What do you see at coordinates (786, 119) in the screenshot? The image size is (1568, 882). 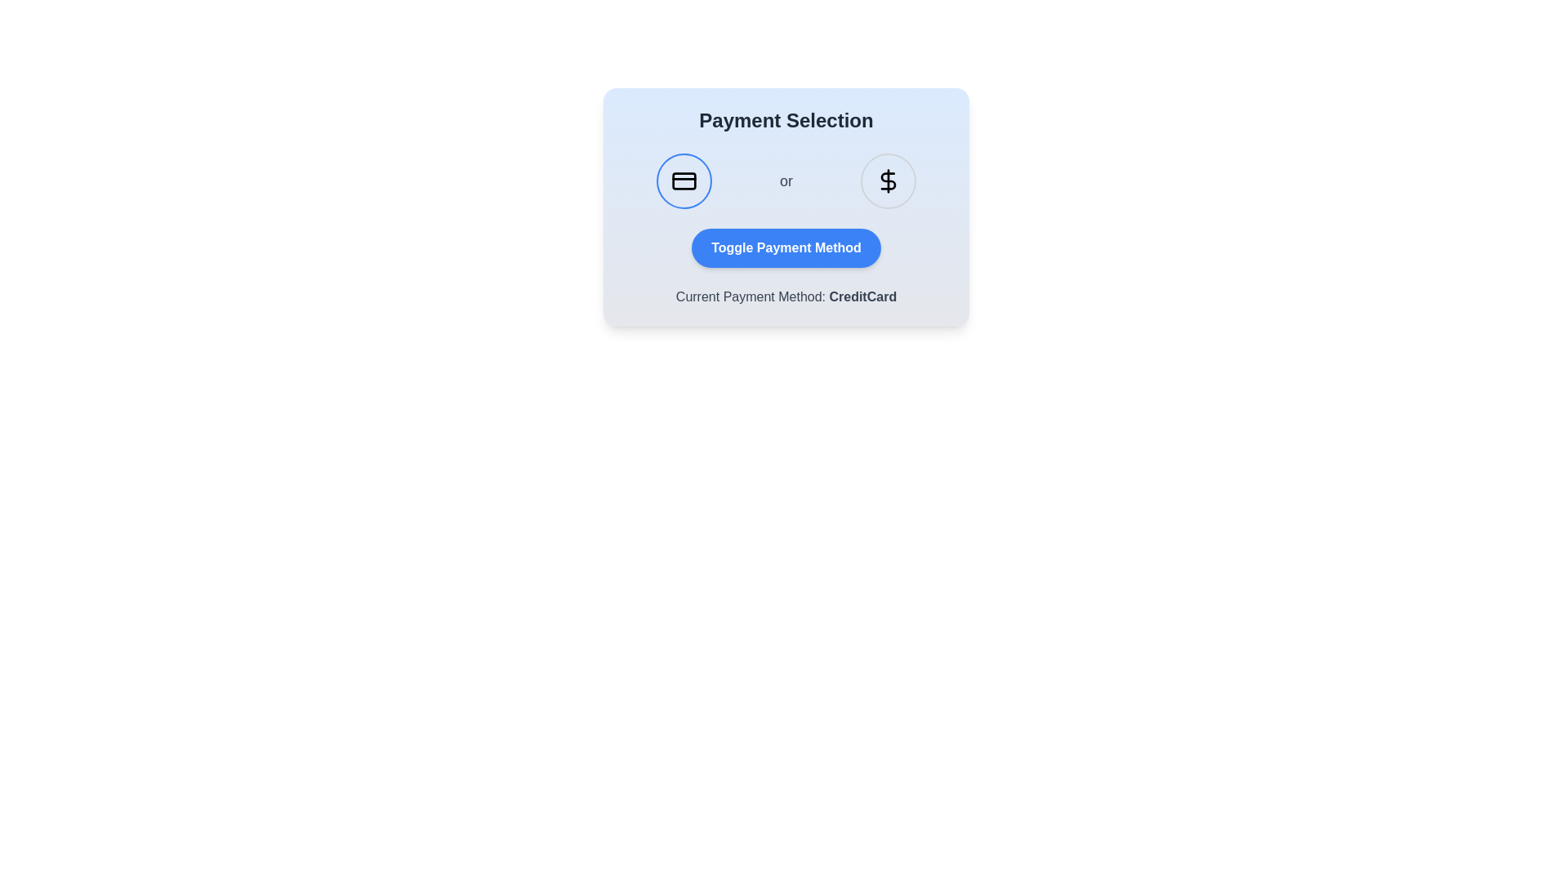 I see `the text label or heading that serves as the title for the section, centrally positioned at the top of the card-like interface layout` at bounding box center [786, 119].